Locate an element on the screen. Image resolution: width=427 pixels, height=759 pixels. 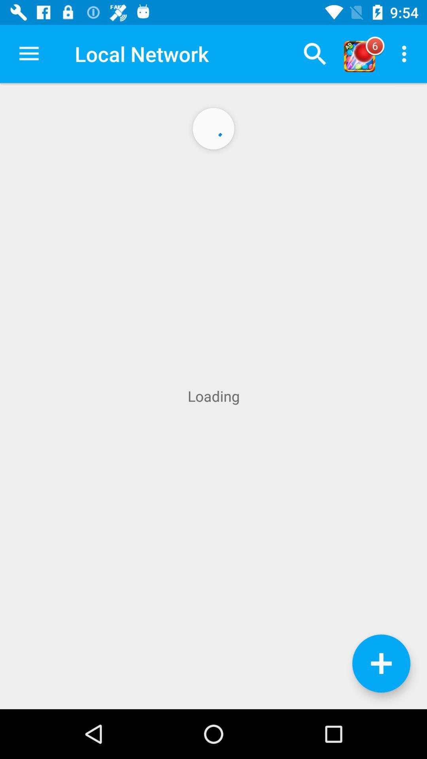
symbol is located at coordinates (381, 663).